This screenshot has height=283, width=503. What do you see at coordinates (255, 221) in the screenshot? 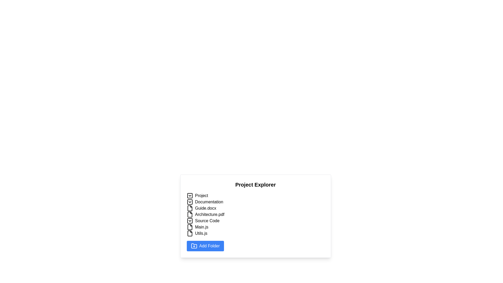
I see `the fourth expandable list item in the project explorer, located between 'Architecture.pdf' and 'Main.js'` at bounding box center [255, 221].